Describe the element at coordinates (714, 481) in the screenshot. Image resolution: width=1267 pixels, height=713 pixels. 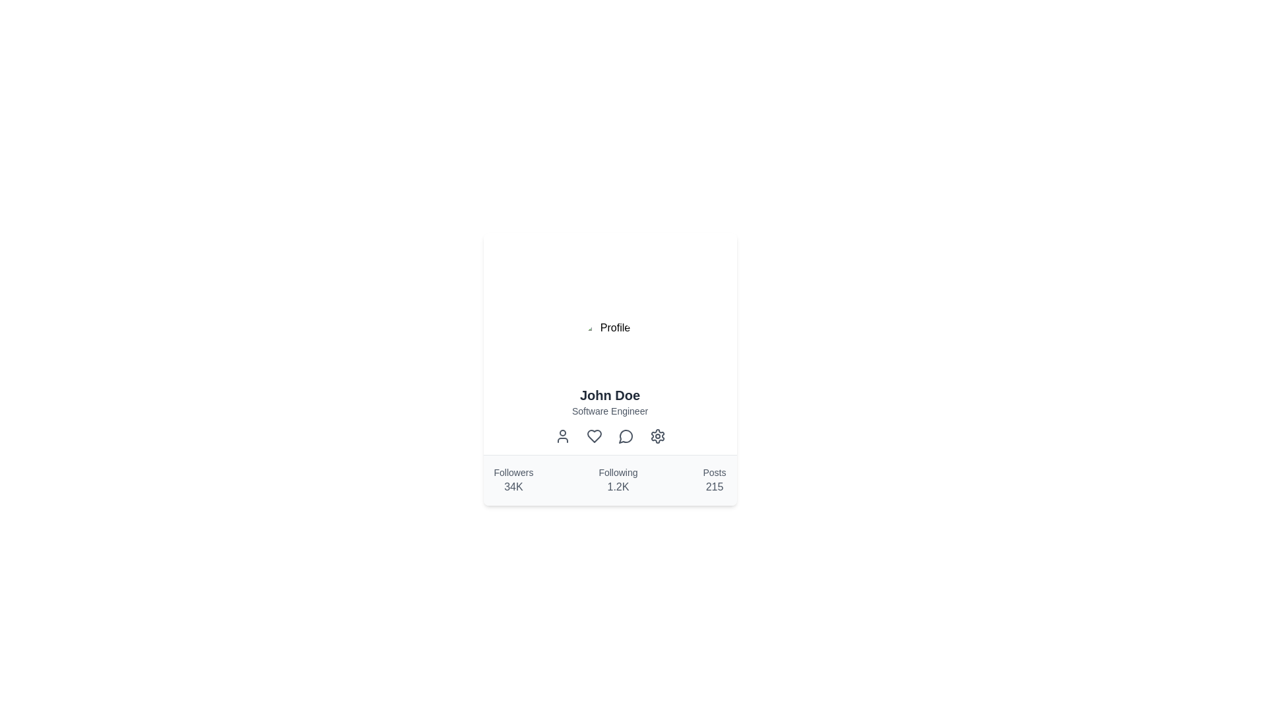
I see `the informational text display that shows the number of posts associated with the profile, which is the rightmost element among three siblings in a horizontal row` at that location.